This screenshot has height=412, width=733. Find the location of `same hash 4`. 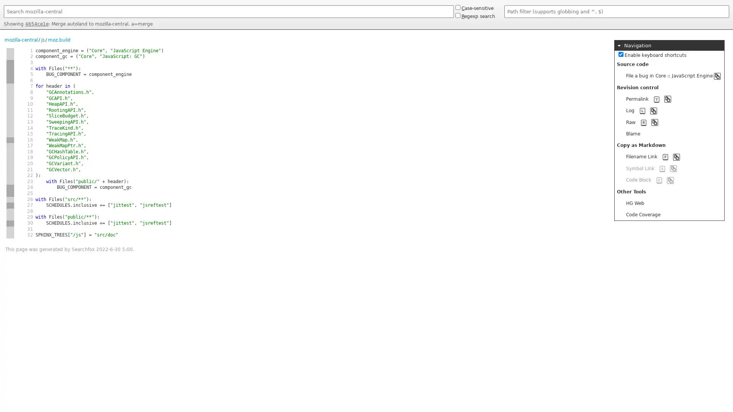

same hash 4 is located at coordinates (10, 217).